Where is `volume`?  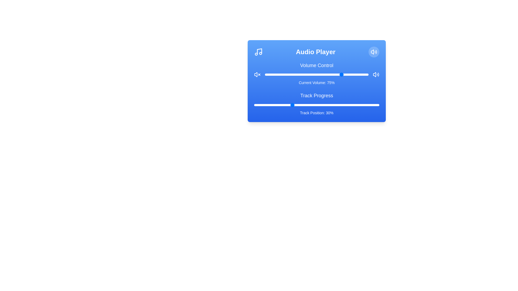
volume is located at coordinates (301, 75).